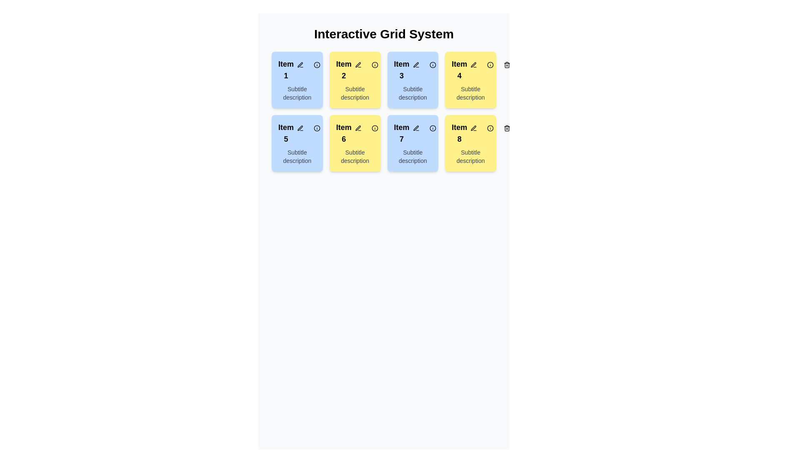 The width and height of the screenshot is (800, 450). What do you see at coordinates (317, 64) in the screenshot?
I see `the information icon, which is a circular icon with an 'i' in its center, located in the top-right corner of the 'Item 1' card, adjacent to the edit icon` at bounding box center [317, 64].